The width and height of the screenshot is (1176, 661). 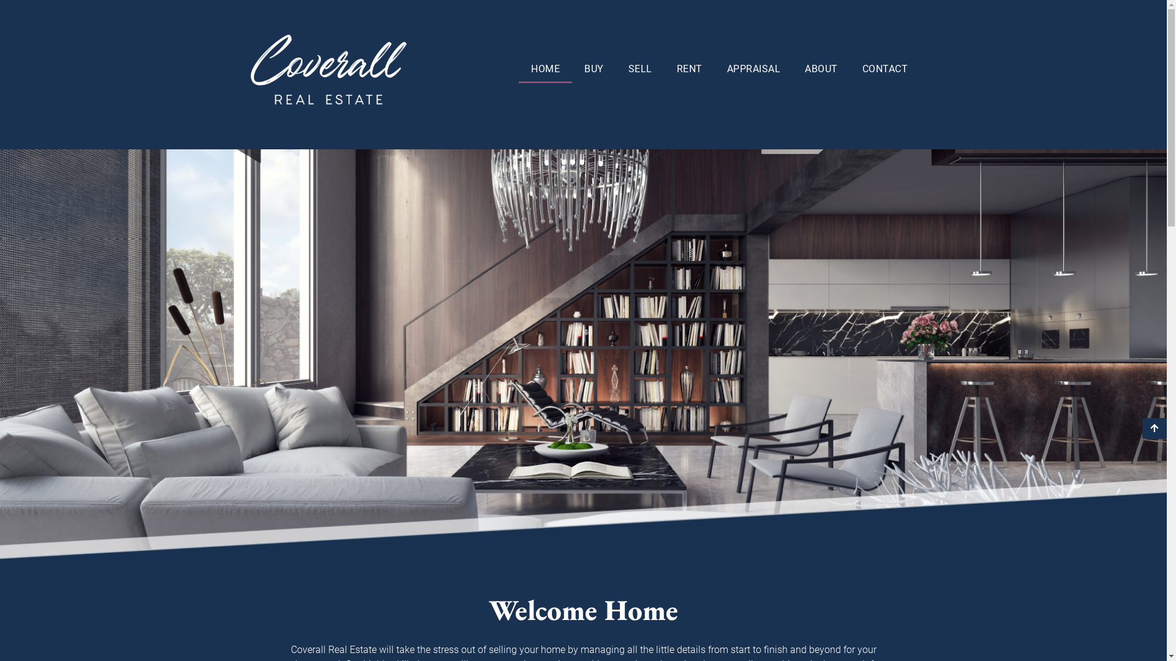 What do you see at coordinates (639, 69) in the screenshot?
I see `'SELL'` at bounding box center [639, 69].